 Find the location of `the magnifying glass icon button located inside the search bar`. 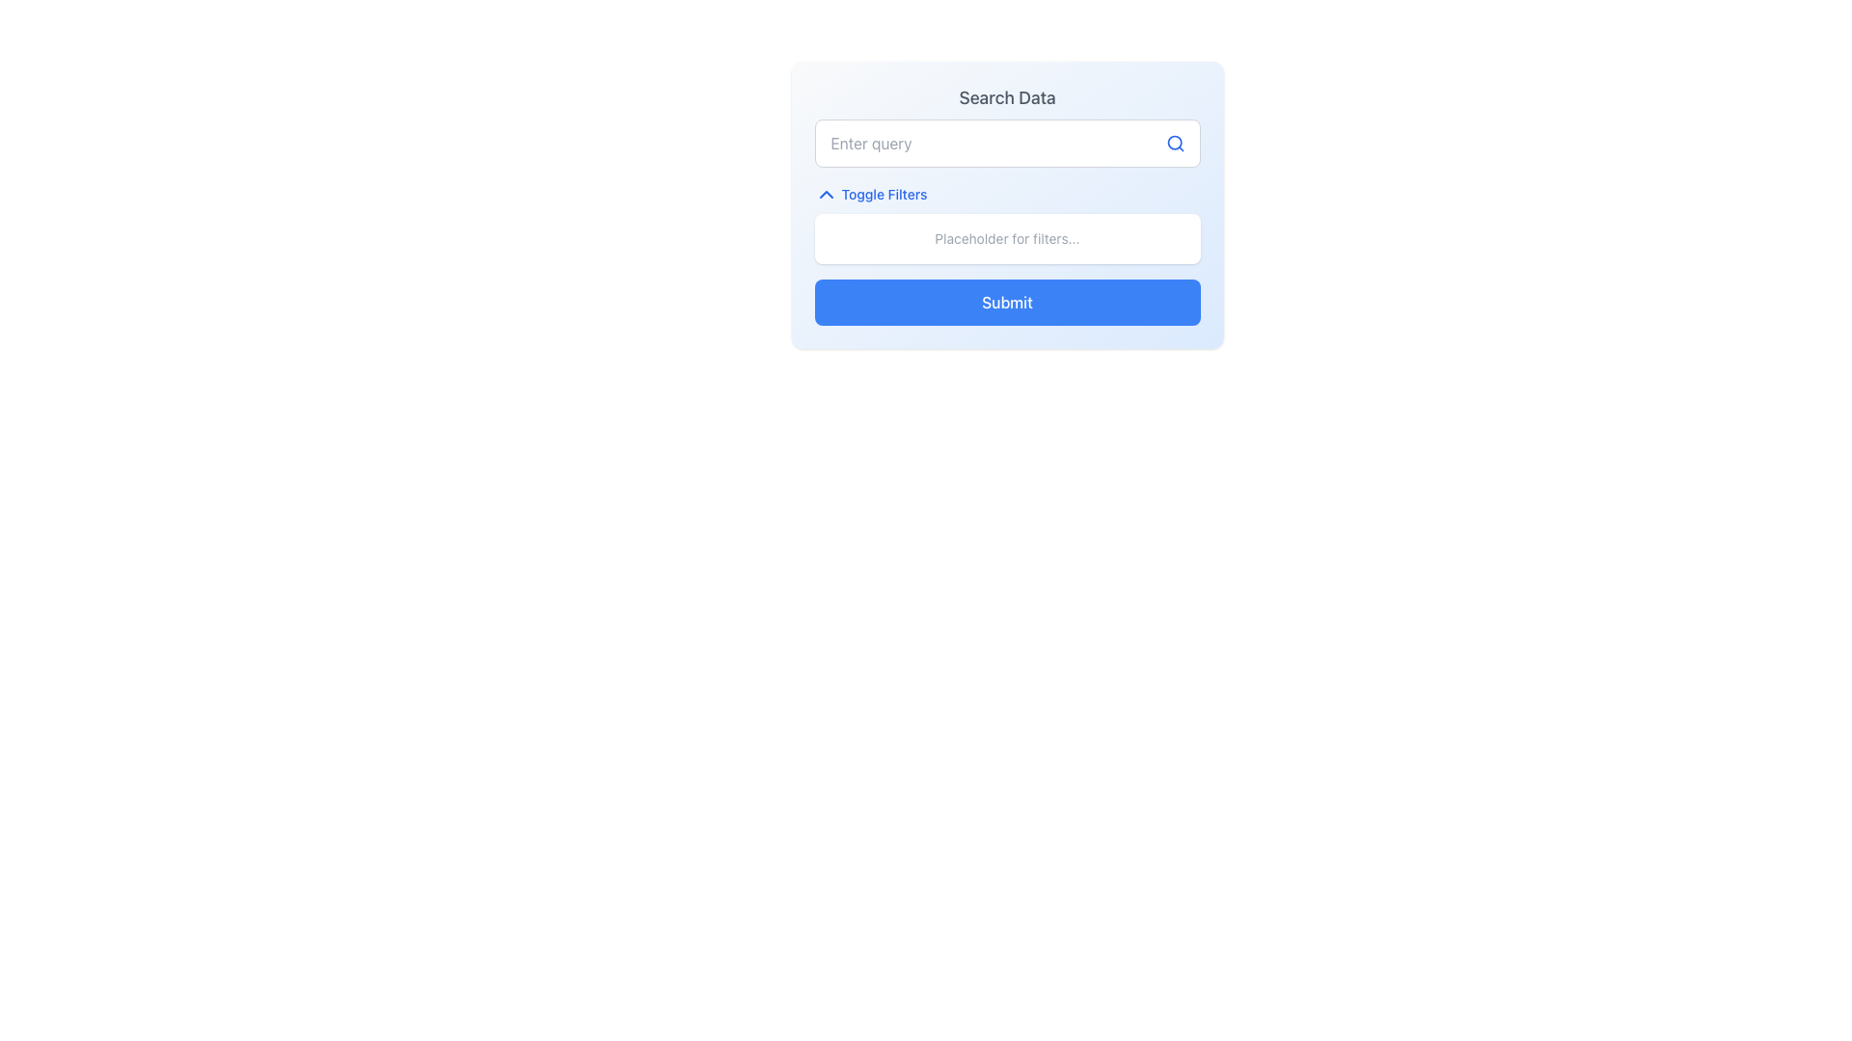

the magnifying glass icon button located inside the search bar is located at coordinates (1174, 143).